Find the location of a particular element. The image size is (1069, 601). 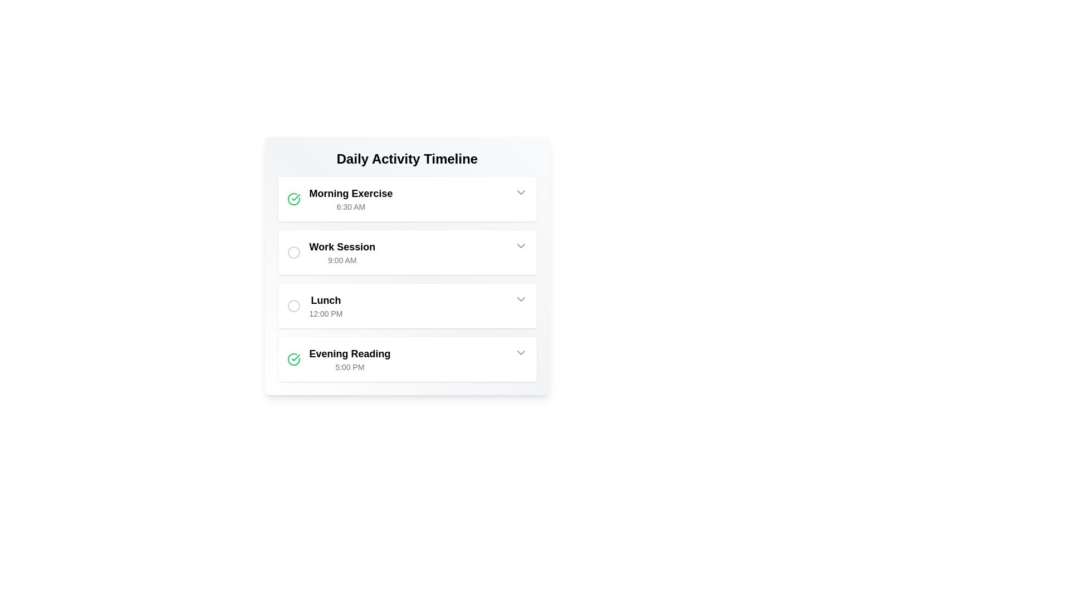

the Dropdown indicator icon located in the top-right corner of the 'Work Session 9:00 AM' activity entry is located at coordinates (520, 245).